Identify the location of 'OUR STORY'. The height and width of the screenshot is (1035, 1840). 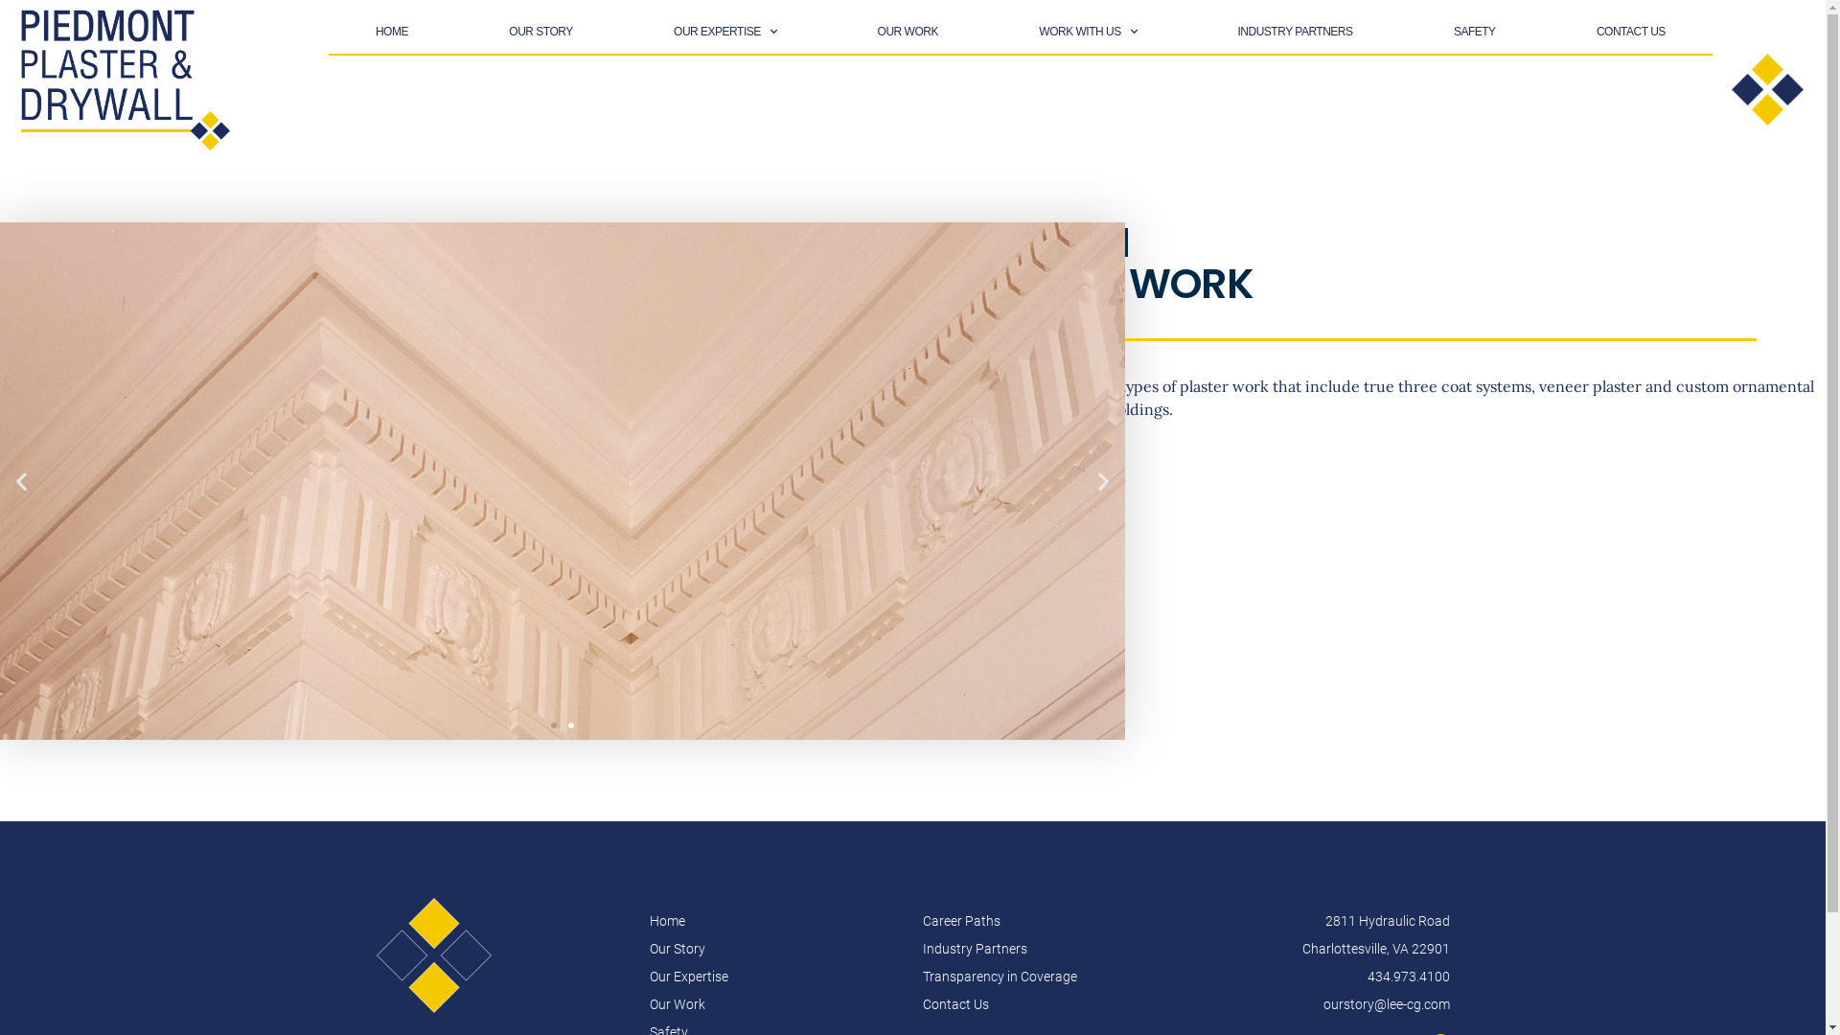
(540, 32).